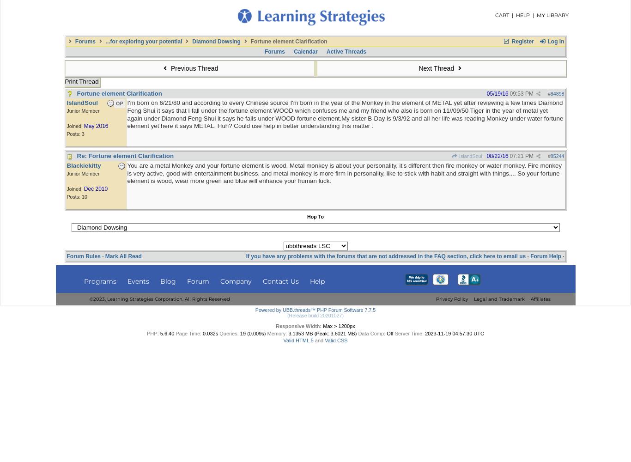 This screenshot has width=631, height=462. I want to click on 'If you have any problems with the forums that are not addressed in the FAQ section, click here to email us', so click(385, 256).